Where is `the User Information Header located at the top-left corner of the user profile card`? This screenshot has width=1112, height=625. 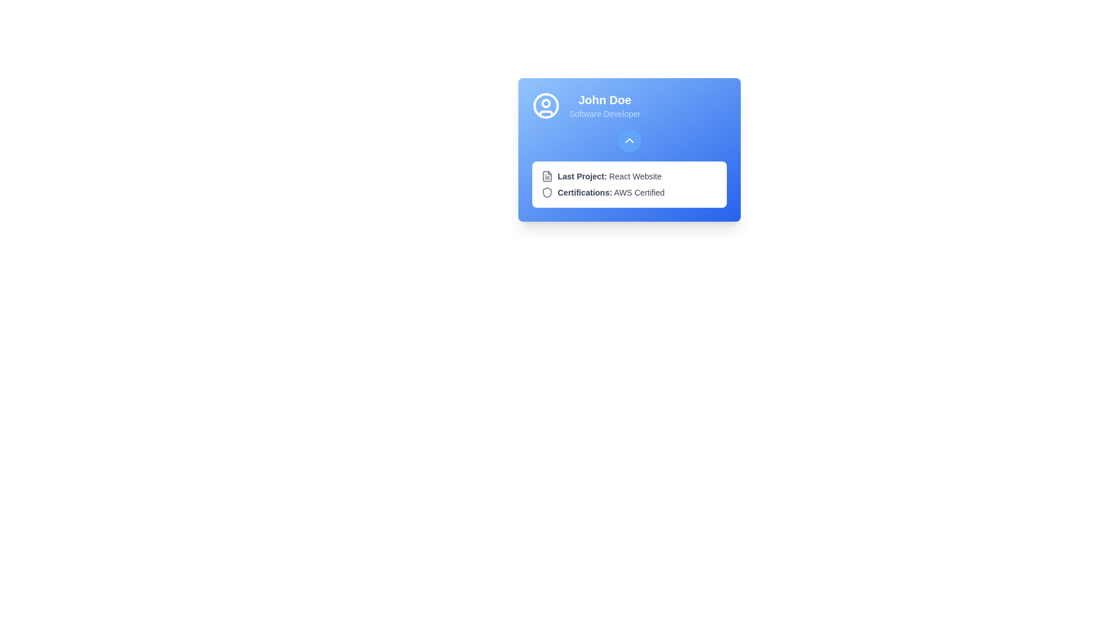
the User Information Header located at the top-left corner of the user profile card is located at coordinates (628, 105).